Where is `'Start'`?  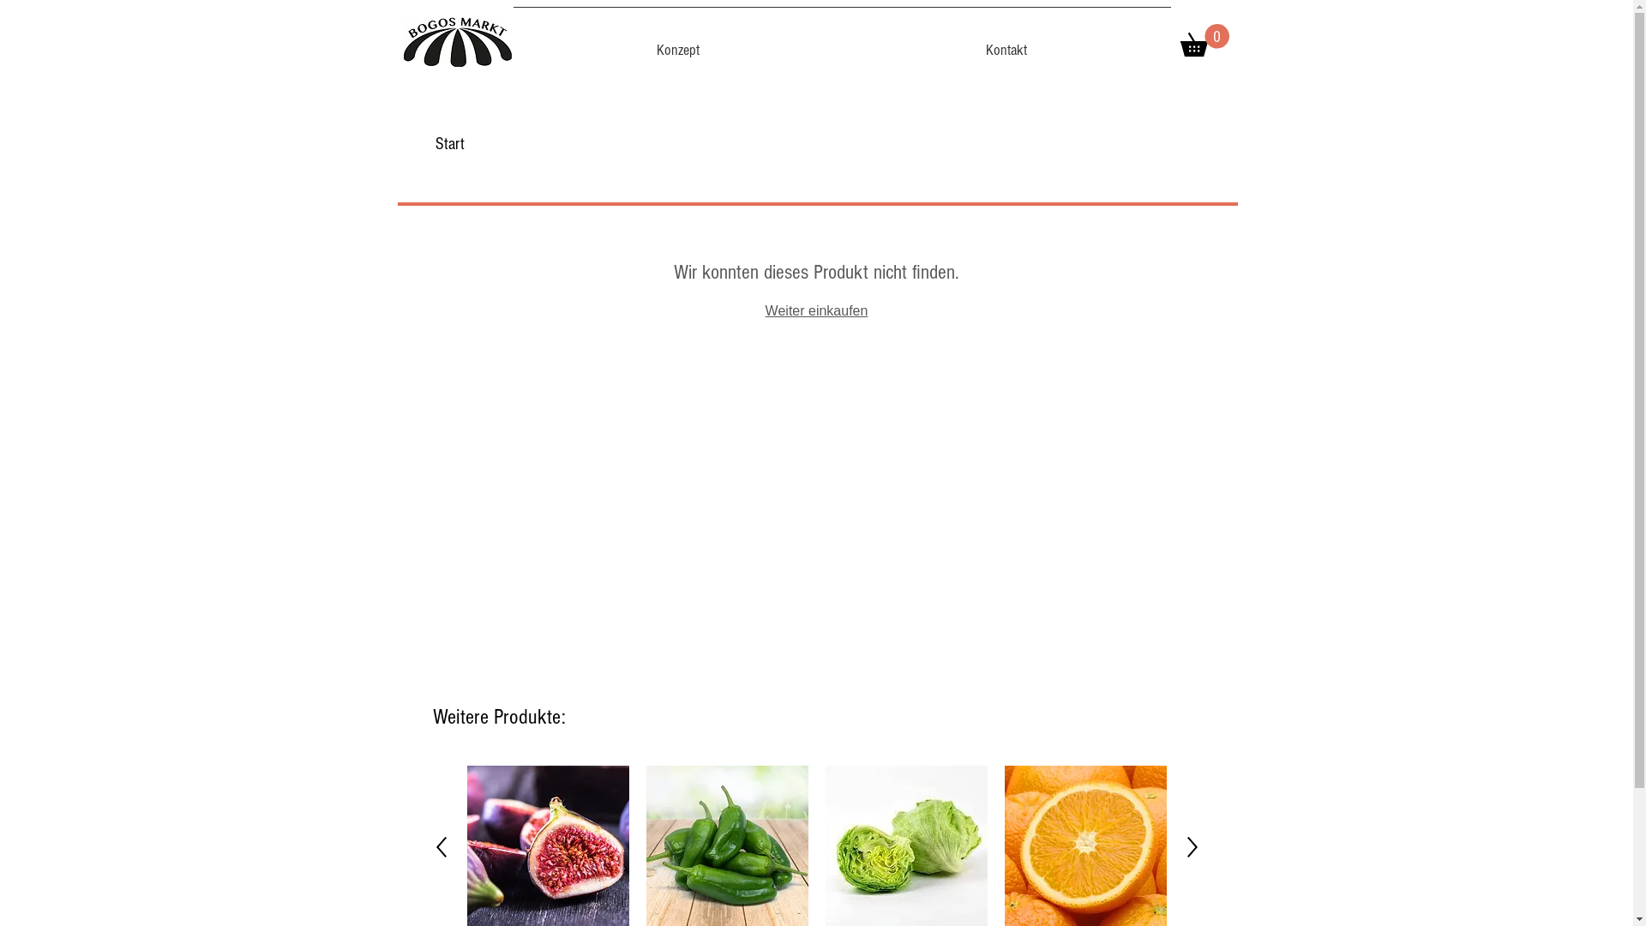 'Start' is located at coordinates (449, 143).